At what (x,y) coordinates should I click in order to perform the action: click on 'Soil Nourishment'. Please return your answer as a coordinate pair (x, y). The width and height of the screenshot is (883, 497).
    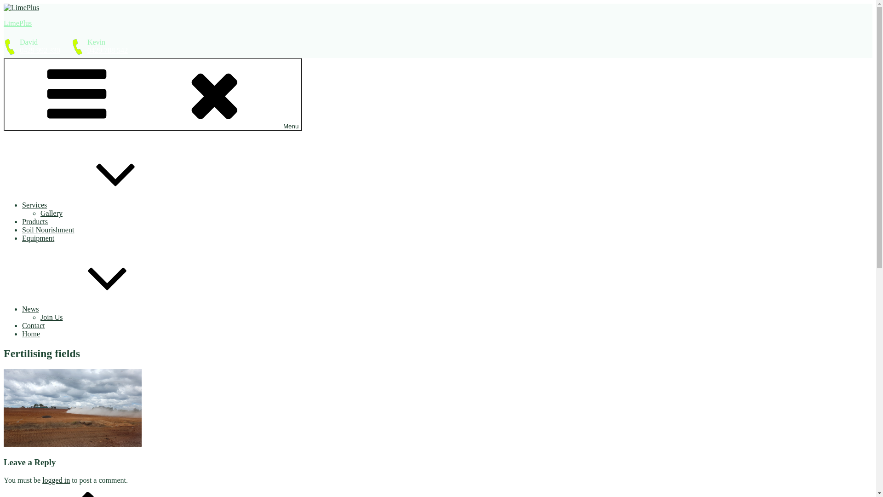
    Looking at the image, I should click on (47, 229).